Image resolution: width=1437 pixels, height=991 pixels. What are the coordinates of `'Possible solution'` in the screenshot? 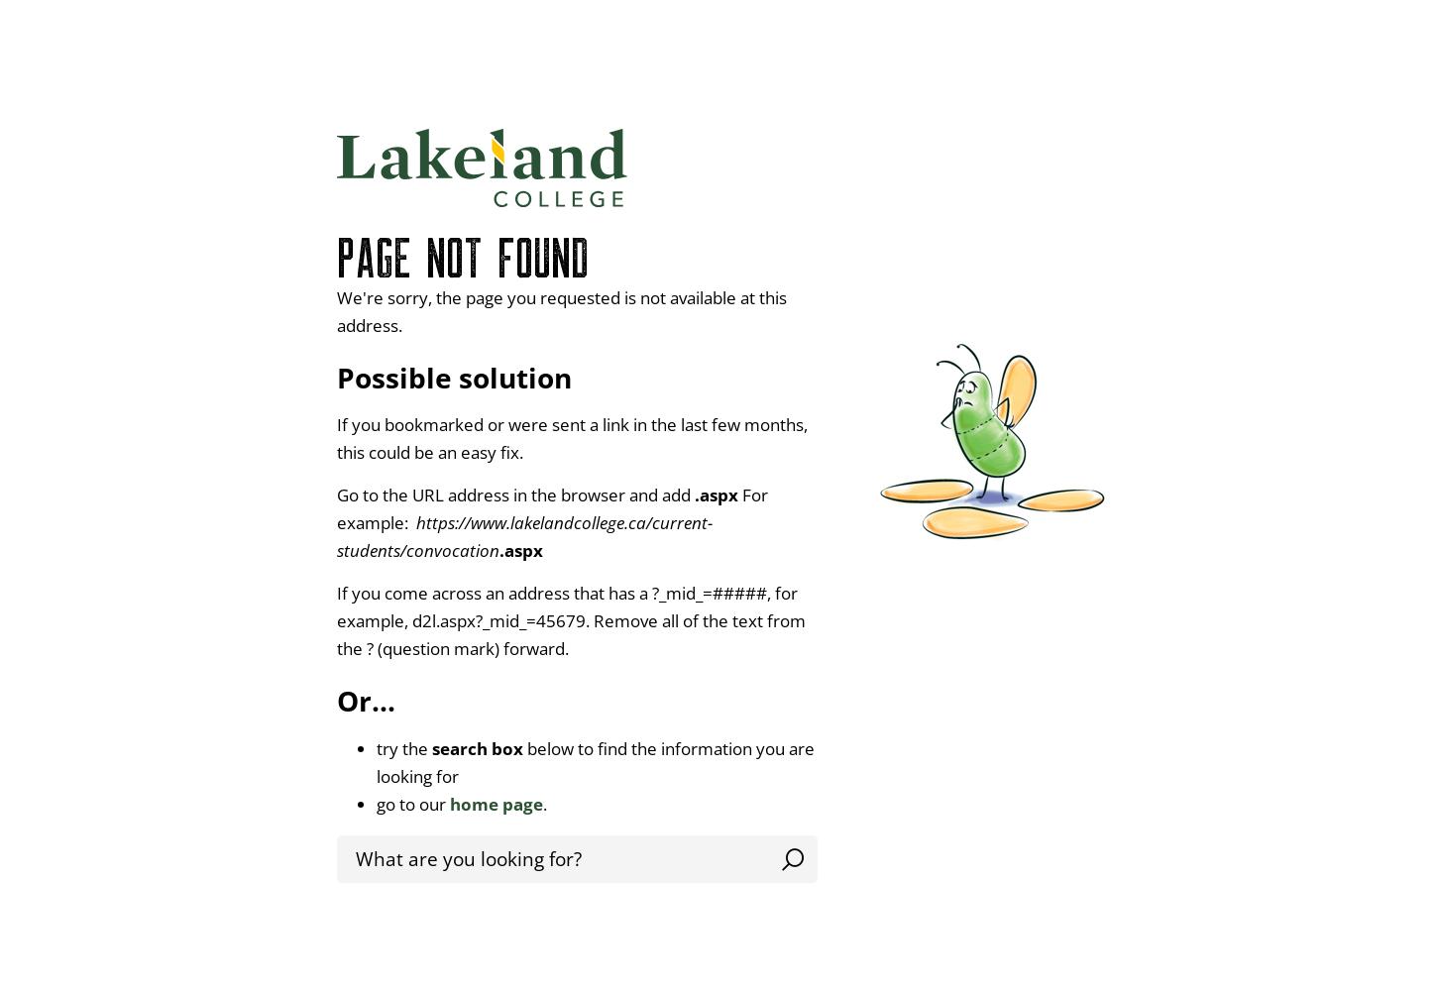 It's located at (337, 378).